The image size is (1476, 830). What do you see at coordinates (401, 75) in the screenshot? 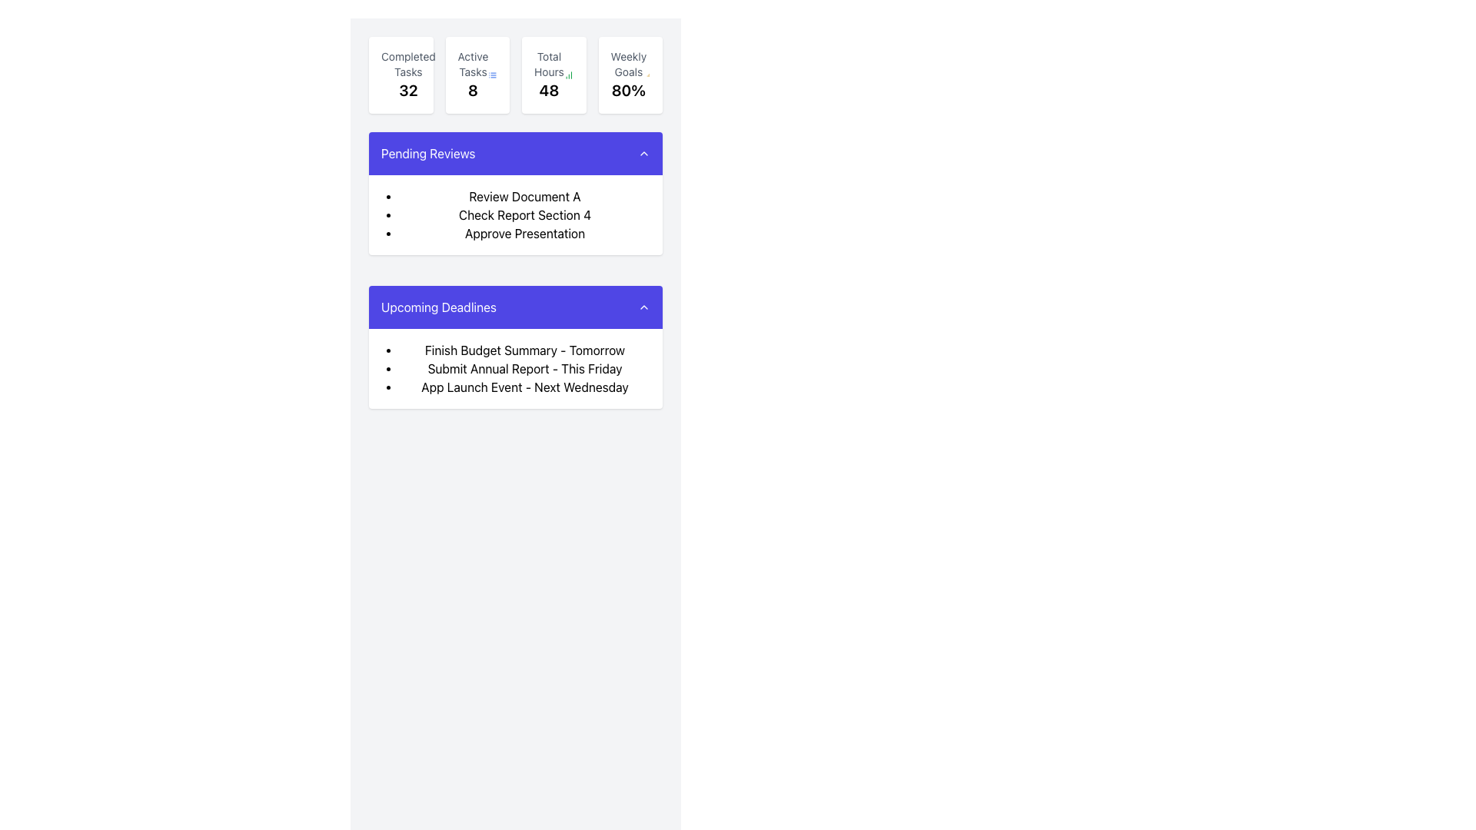
I see `the Information Card displaying the count of completed tasks, which is '32', located at the top section of the interface` at bounding box center [401, 75].